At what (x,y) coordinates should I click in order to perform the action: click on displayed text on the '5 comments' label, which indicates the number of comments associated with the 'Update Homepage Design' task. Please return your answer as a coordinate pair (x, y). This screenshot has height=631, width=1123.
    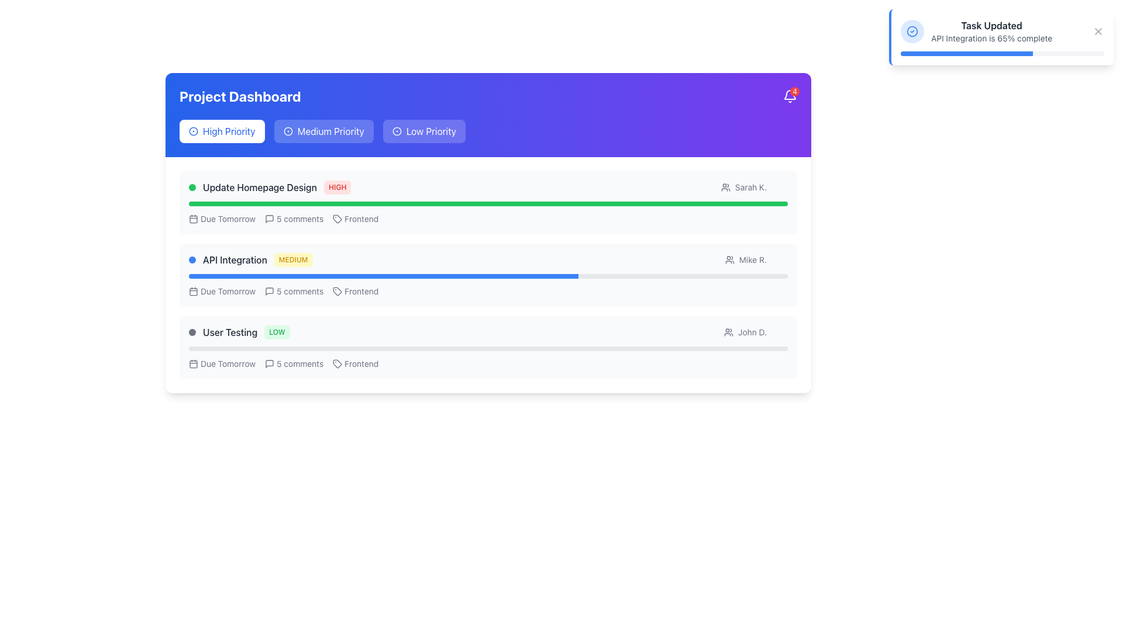
    Looking at the image, I should click on (294, 219).